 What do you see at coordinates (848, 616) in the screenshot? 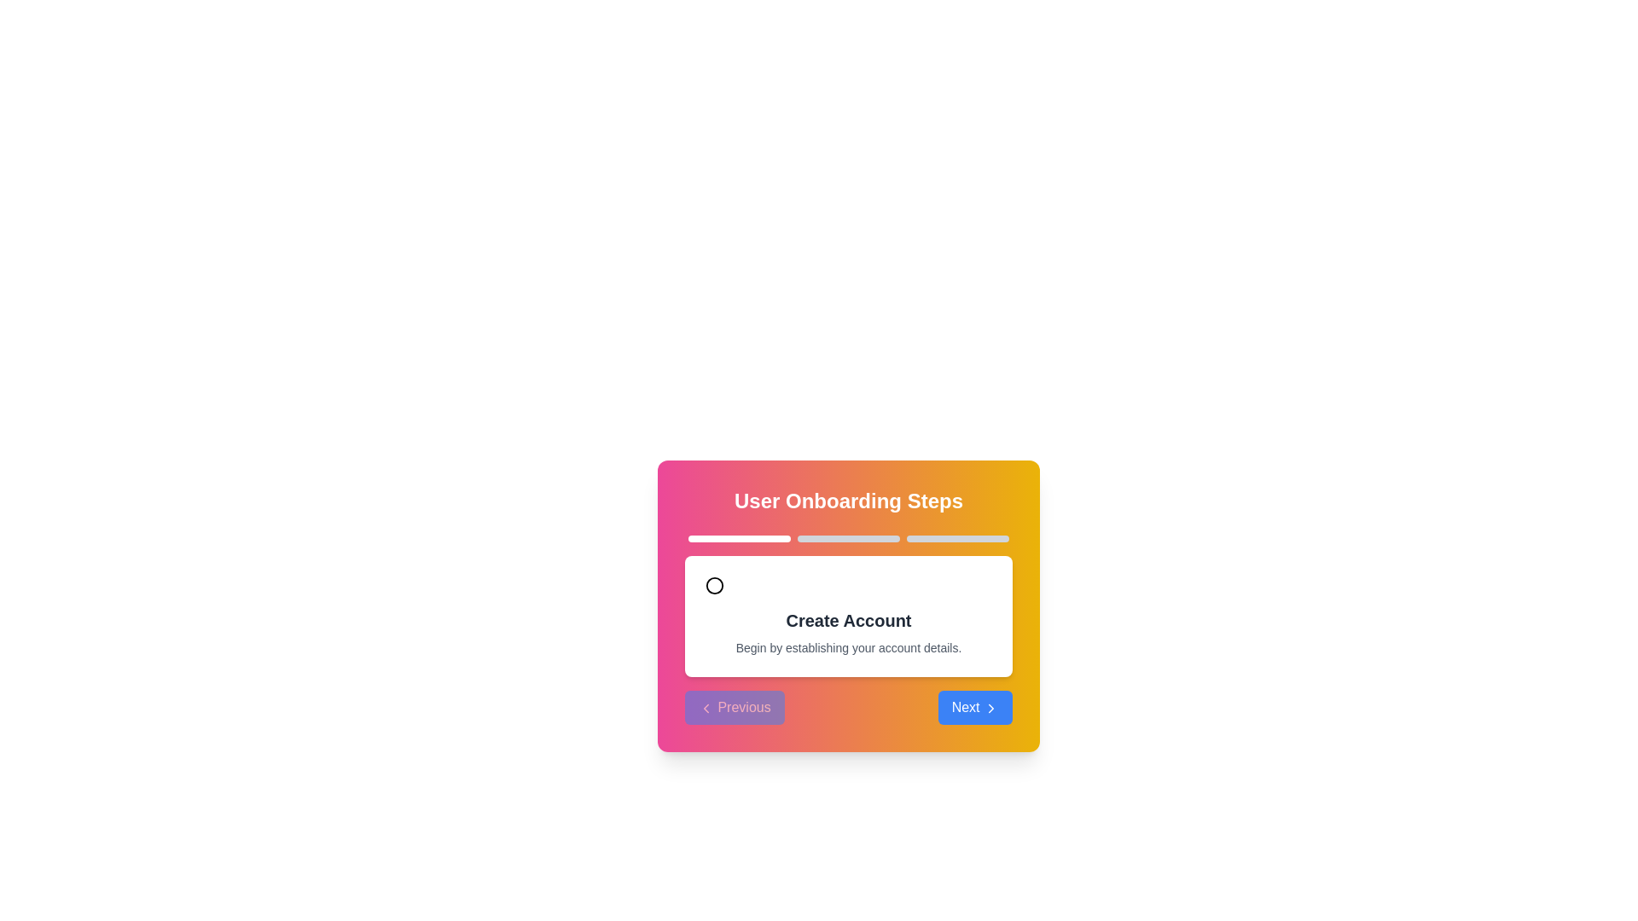
I see `the Informational Card that presents the 'Create Account' step in the onboarding process, which is centrally located below the title 'User Onboarding Steps' and above the navigation buttons` at bounding box center [848, 616].